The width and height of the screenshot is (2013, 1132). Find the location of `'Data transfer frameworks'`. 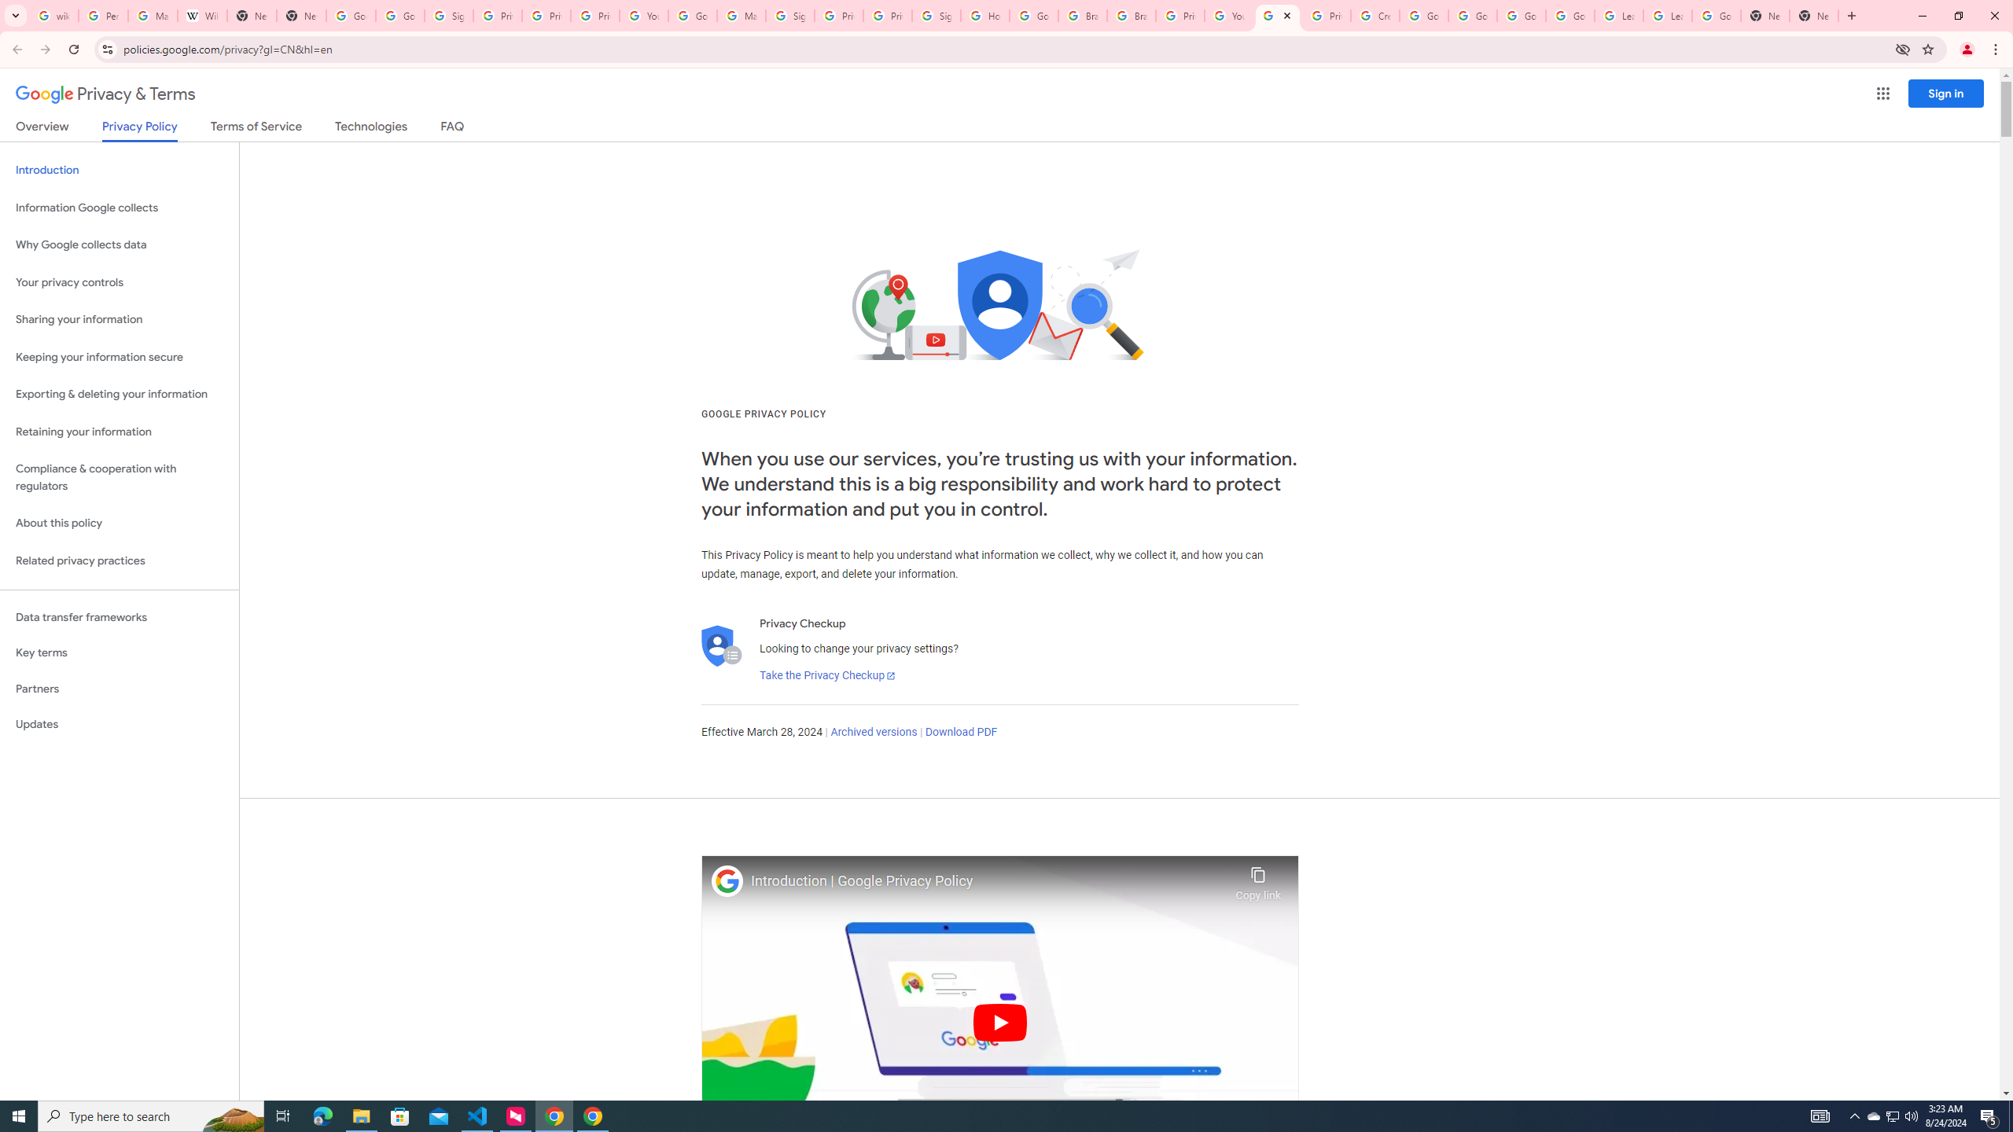

'Data transfer frameworks' is located at coordinates (119, 617).